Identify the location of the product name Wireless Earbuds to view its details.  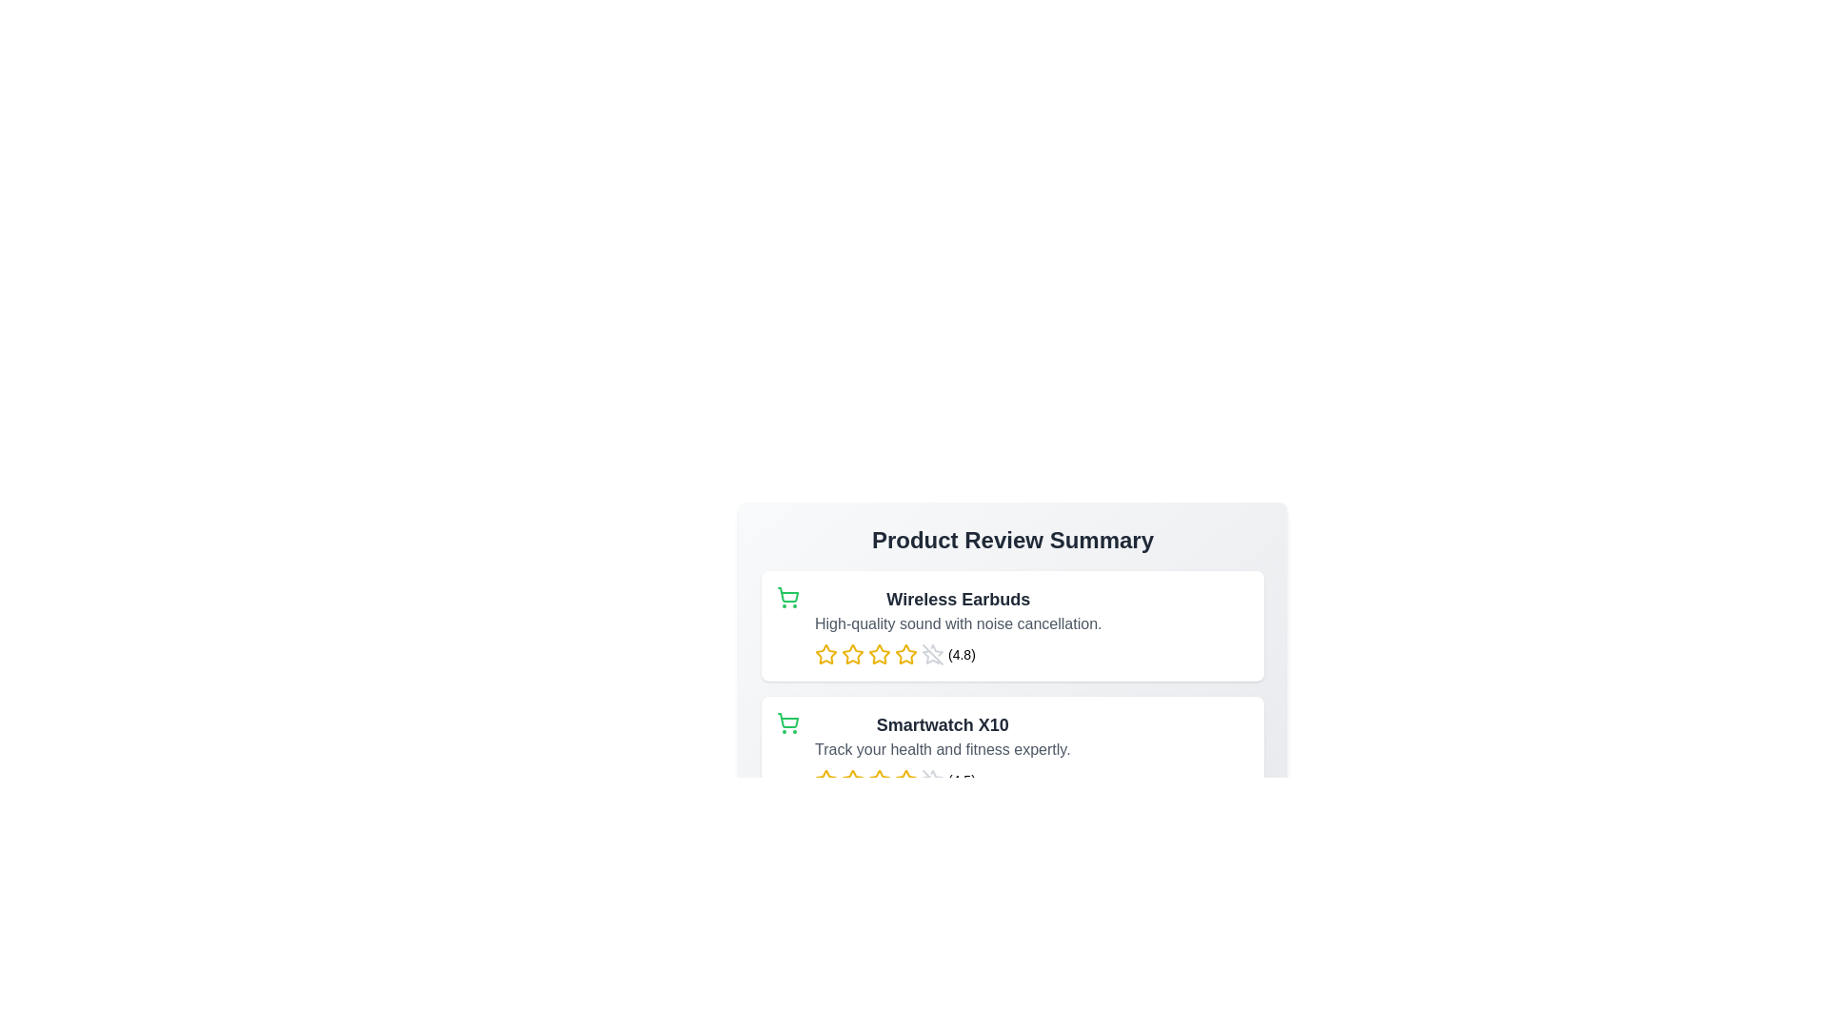
(958, 598).